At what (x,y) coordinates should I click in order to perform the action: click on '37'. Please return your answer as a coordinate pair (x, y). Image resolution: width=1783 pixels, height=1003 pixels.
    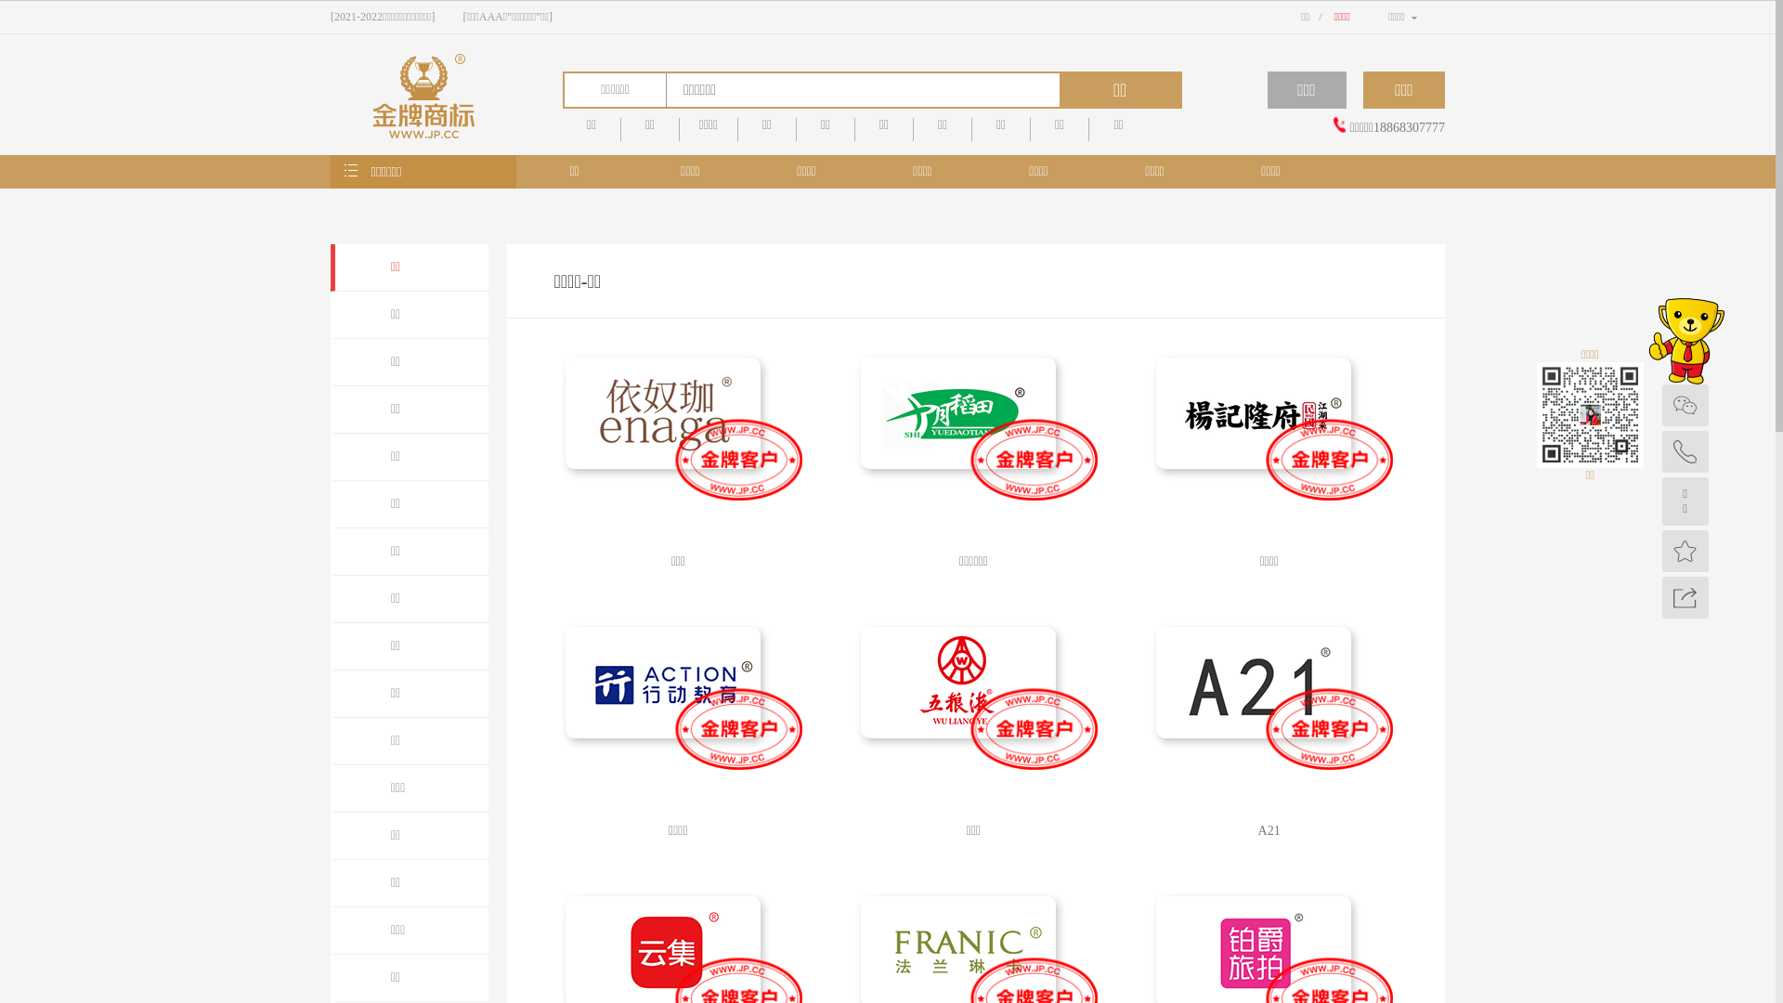
    Looking at the image, I should click on (986, 258).